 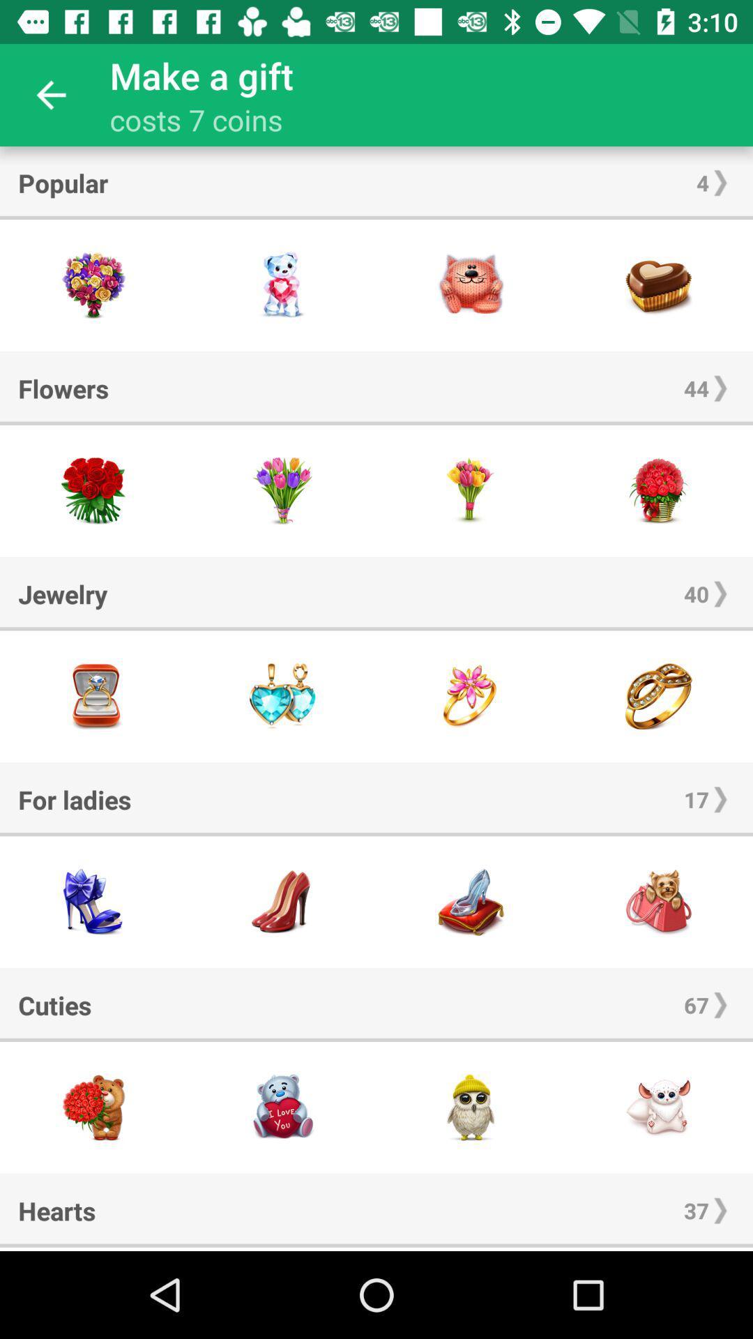 I want to click on product, so click(x=282, y=696).